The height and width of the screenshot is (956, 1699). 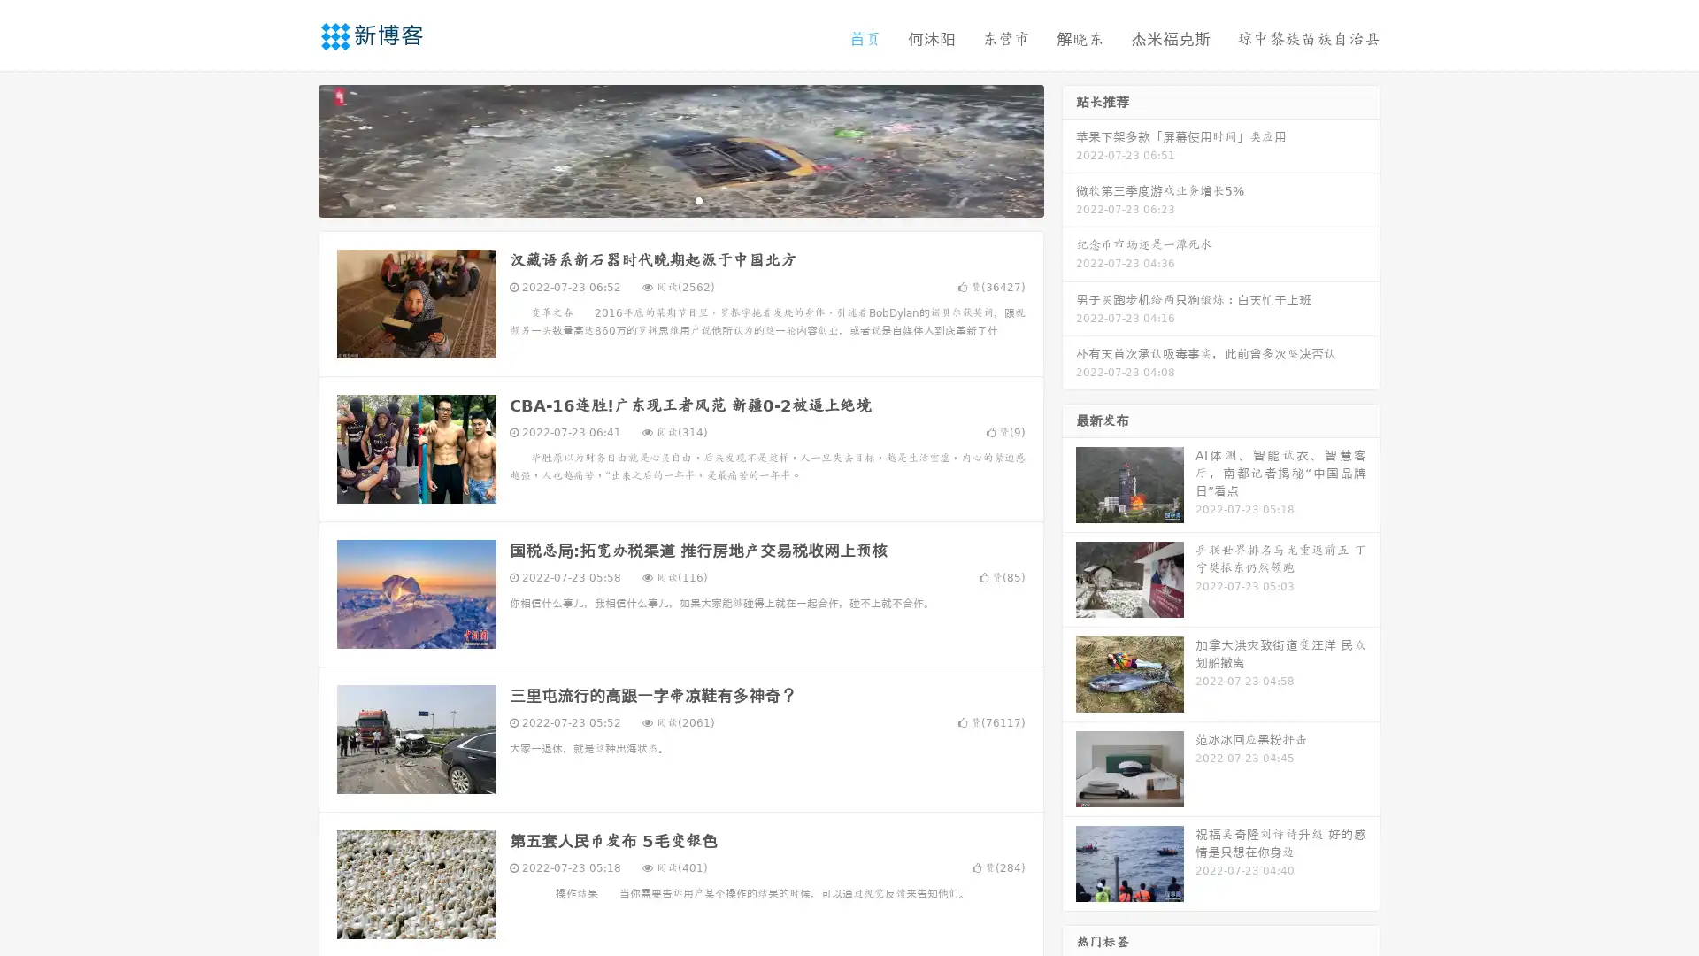 I want to click on Go to slide 1, so click(x=662, y=199).